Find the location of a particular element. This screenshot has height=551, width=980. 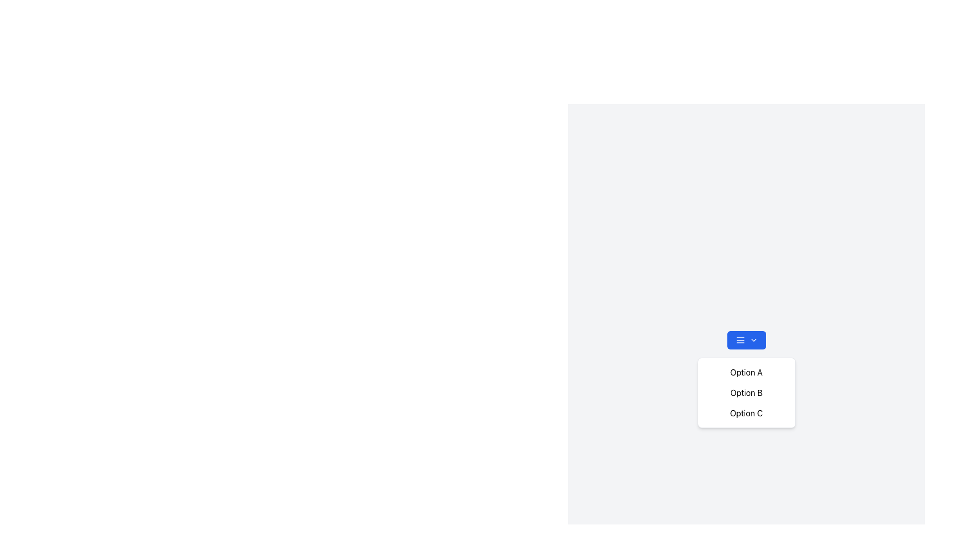

the small blue button with a hamburger menu icon, located at the top-left of the button is located at coordinates (740, 340).